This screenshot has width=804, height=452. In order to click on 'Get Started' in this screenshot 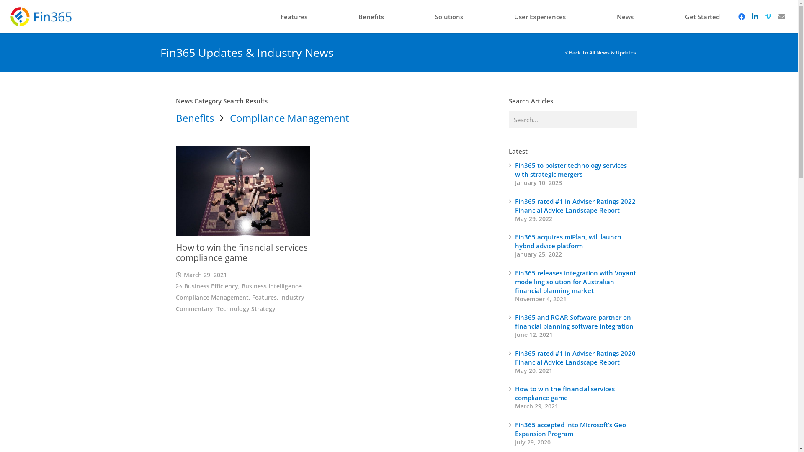, I will do `click(702, 16)`.